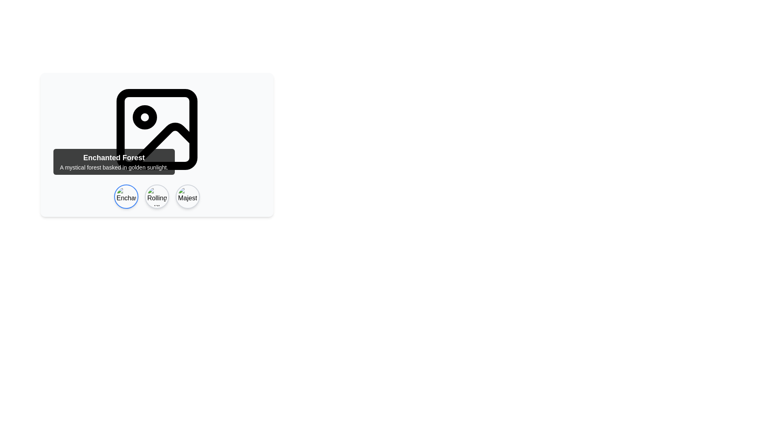 The image size is (777, 437). Describe the element at coordinates (157, 197) in the screenshot. I see `the second circular button with a landscape icon and the word 'Rolling' below it` at that location.